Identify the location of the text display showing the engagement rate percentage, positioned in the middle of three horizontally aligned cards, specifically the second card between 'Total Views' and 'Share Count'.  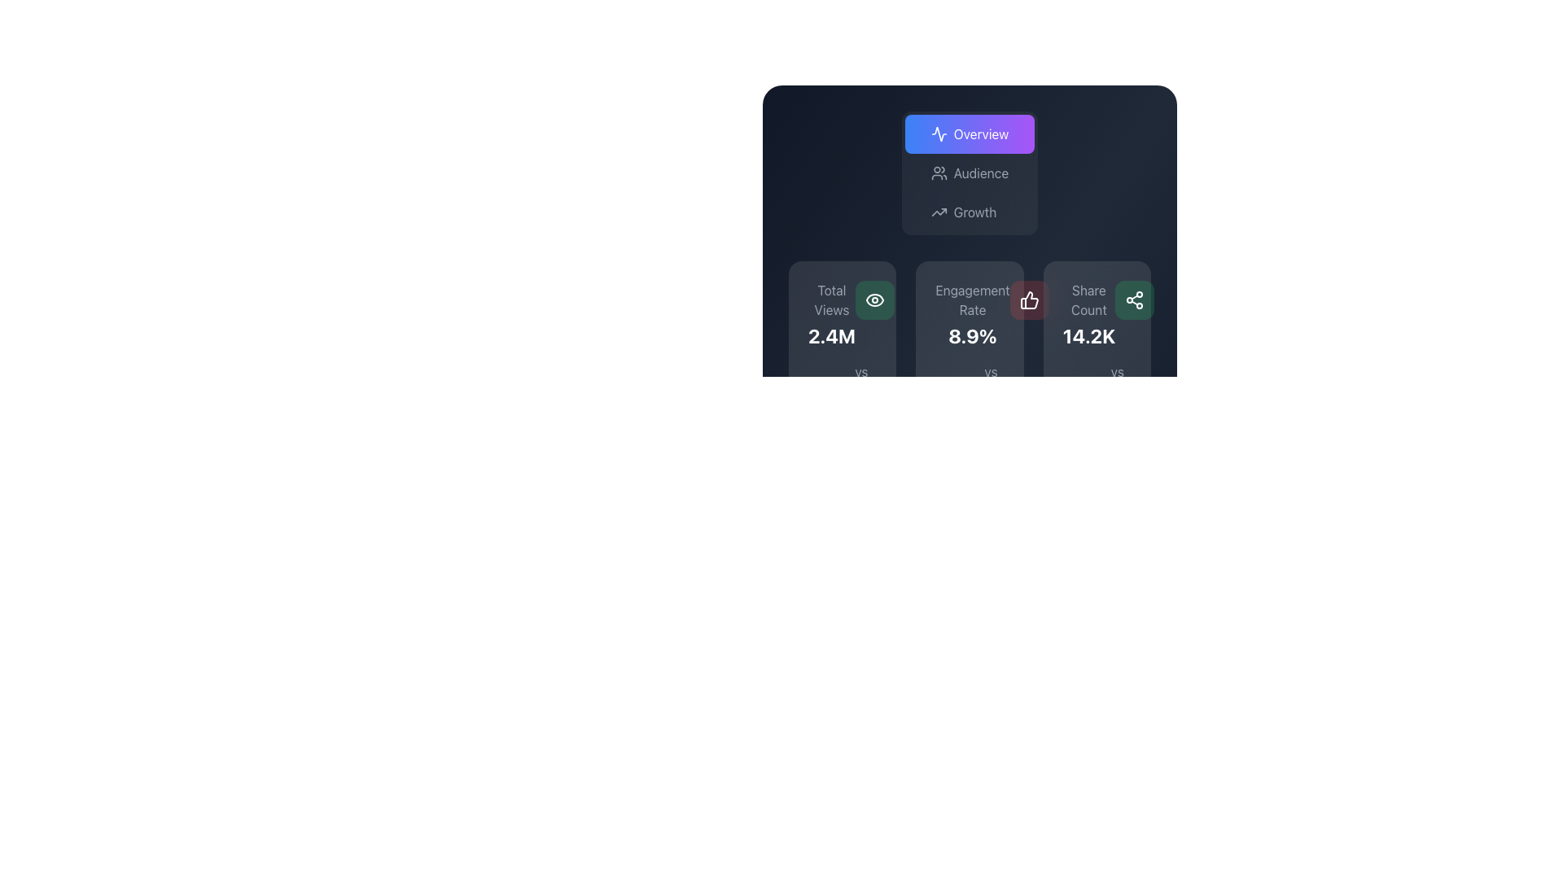
(973, 314).